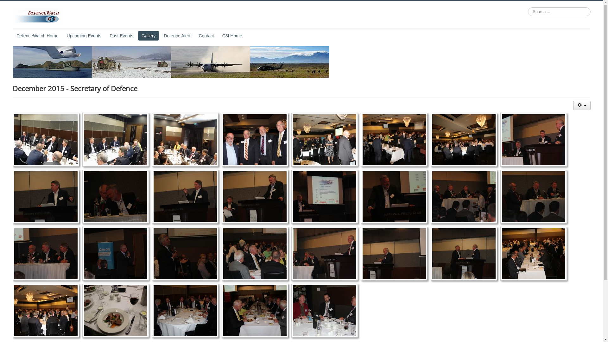  What do you see at coordinates (121, 35) in the screenshot?
I see `'Past Events'` at bounding box center [121, 35].